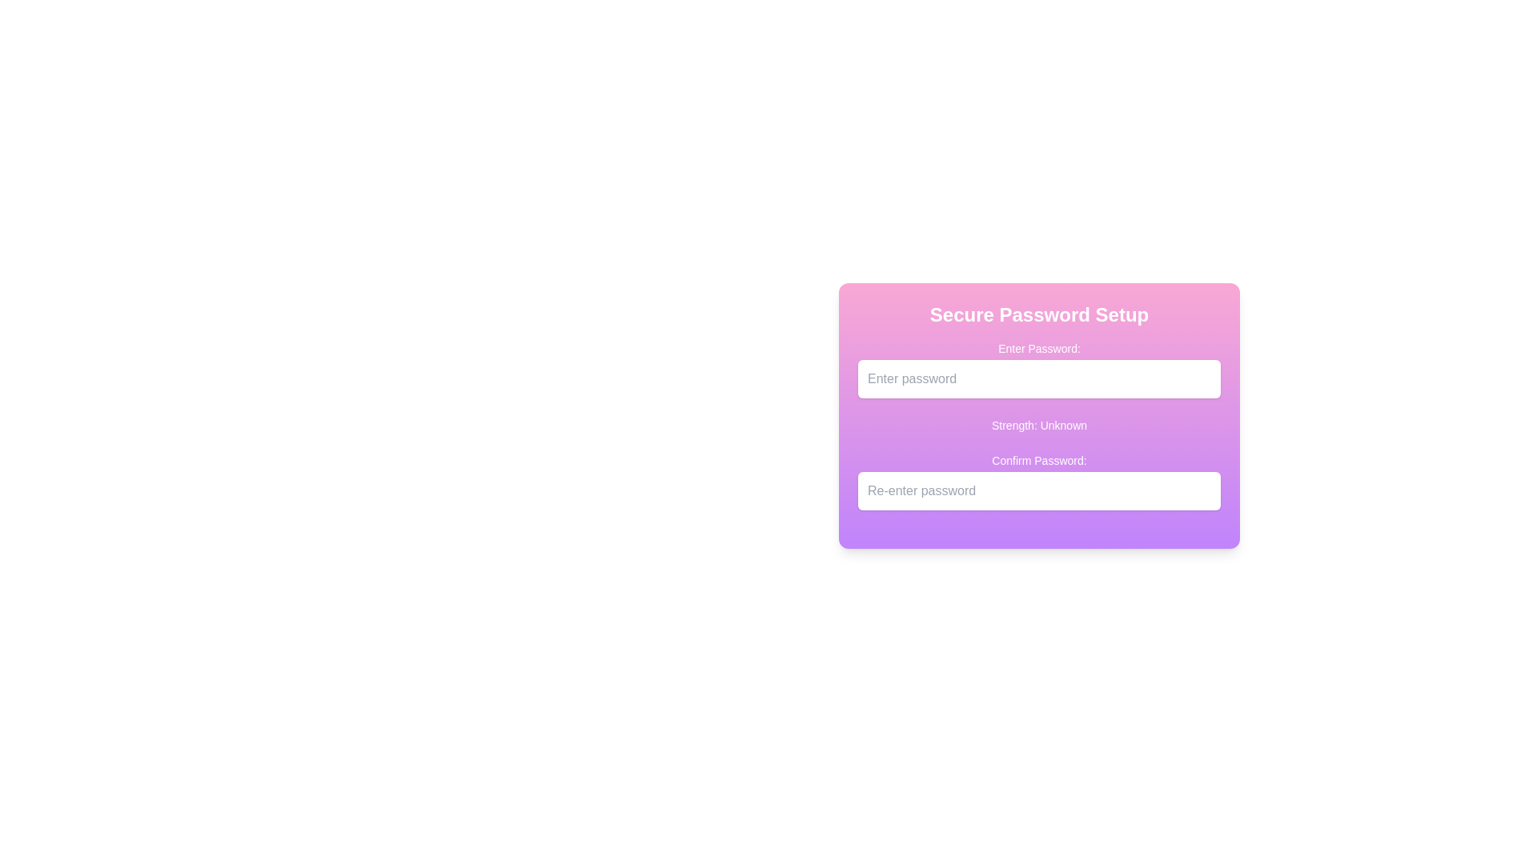  What do you see at coordinates (1039, 425) in the screenshot?
I see `the label displaying 'Strength: Unknown', which is styled with a medium-sized font on a pink background, positioned below the 'Enter Password' input field and above the 'Confirm Password' label` at bounding box center [1039, 425].